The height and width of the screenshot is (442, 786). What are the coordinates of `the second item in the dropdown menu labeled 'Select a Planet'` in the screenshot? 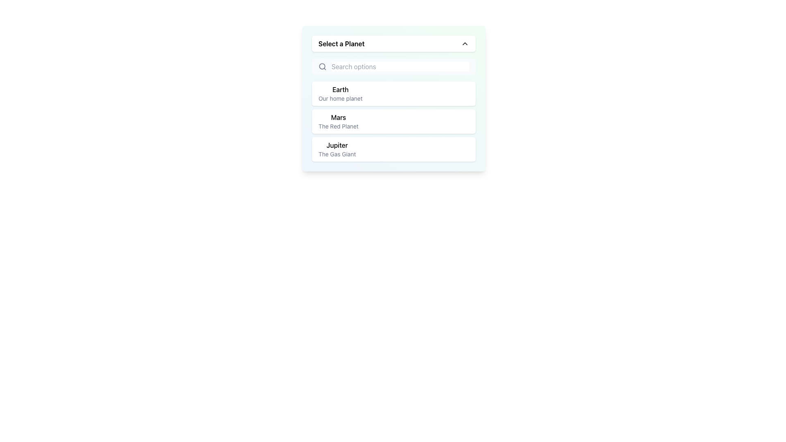 It's located at (393, 110).